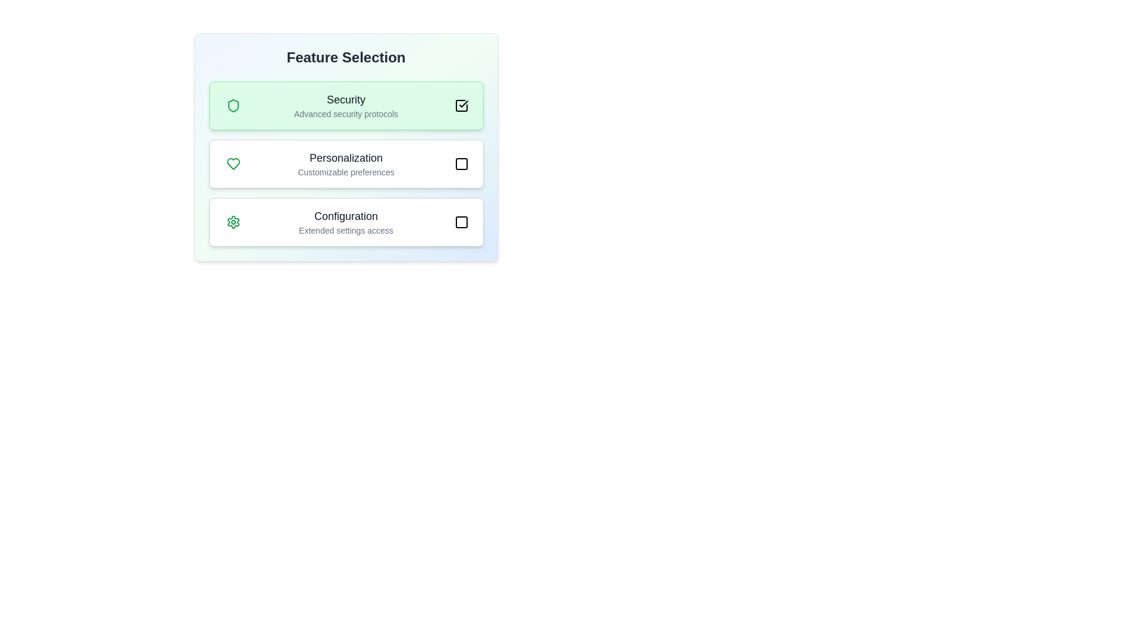  What do you see at coordinates (461, 105) in the screenshot?
I see `the button with an icon that toggles the 'Security' option, located at the top-right corner of the 'Security' section` at bounding box center [461, 105].